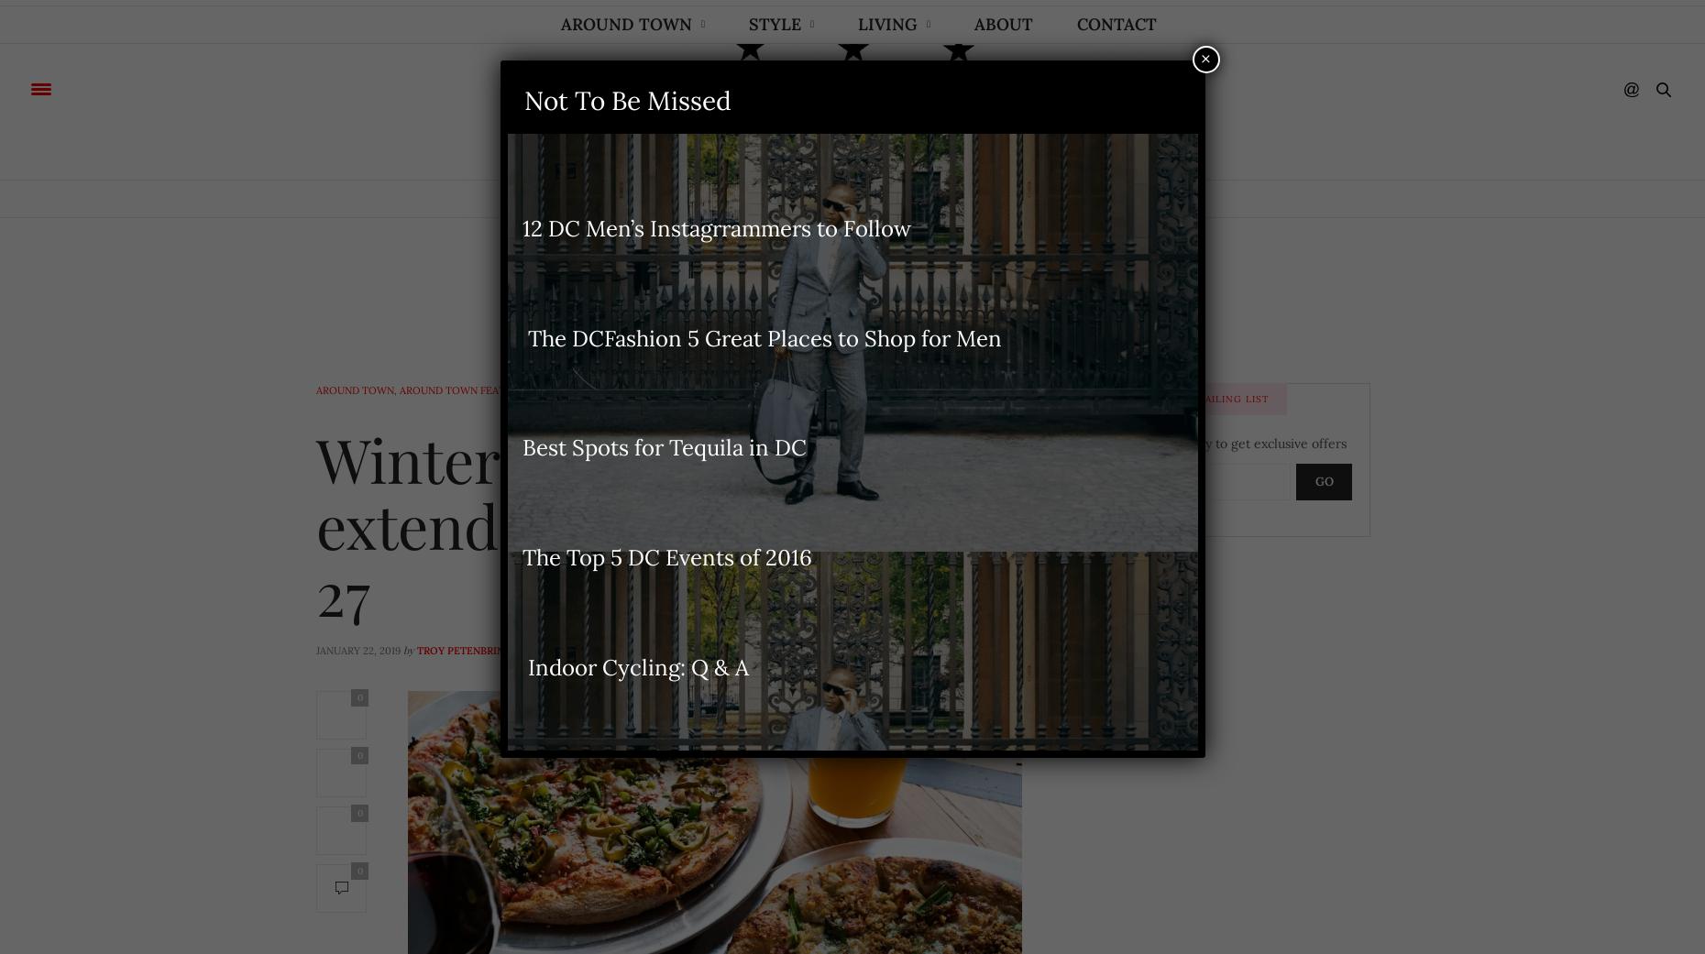 This screenshot has width=1705, height=954. What do you see at coordinates (1232, 398) in the screenshot?
I see `'MAILING LIST'` at bounding box center [1232, 398].